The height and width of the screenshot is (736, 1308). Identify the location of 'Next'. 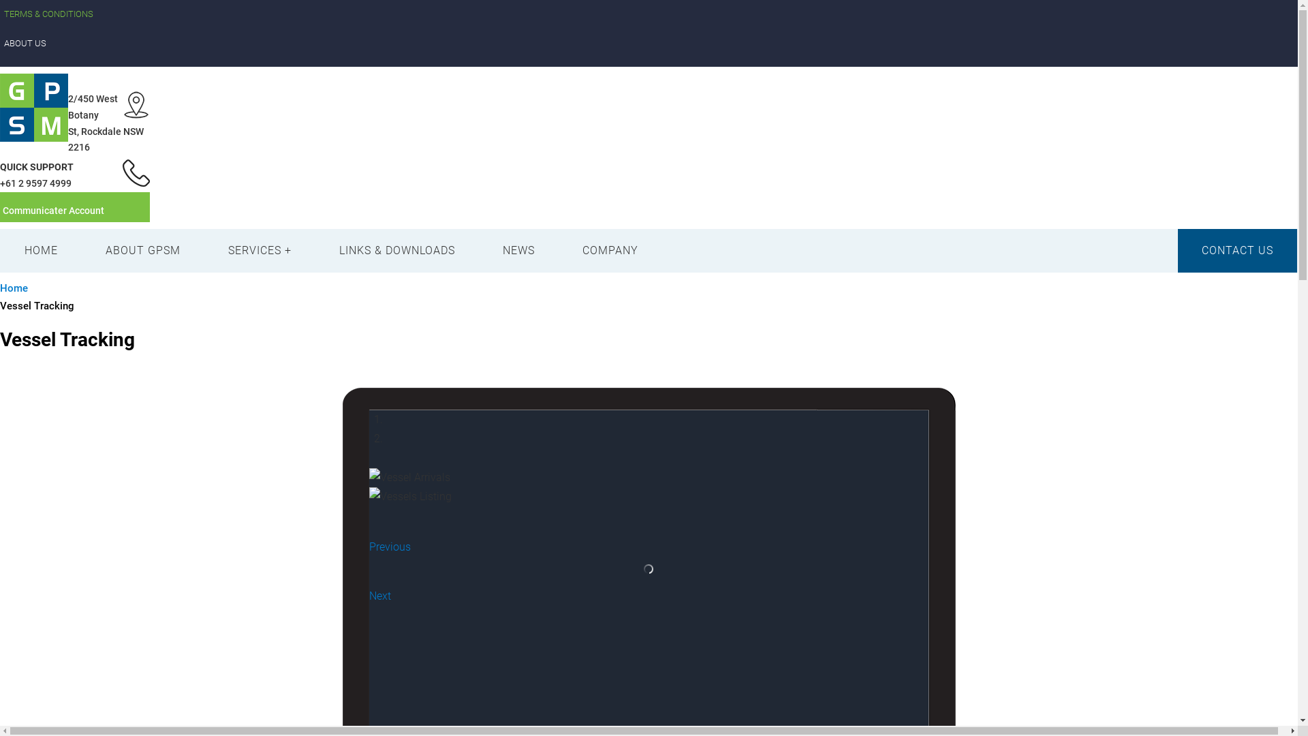
(369, 595).